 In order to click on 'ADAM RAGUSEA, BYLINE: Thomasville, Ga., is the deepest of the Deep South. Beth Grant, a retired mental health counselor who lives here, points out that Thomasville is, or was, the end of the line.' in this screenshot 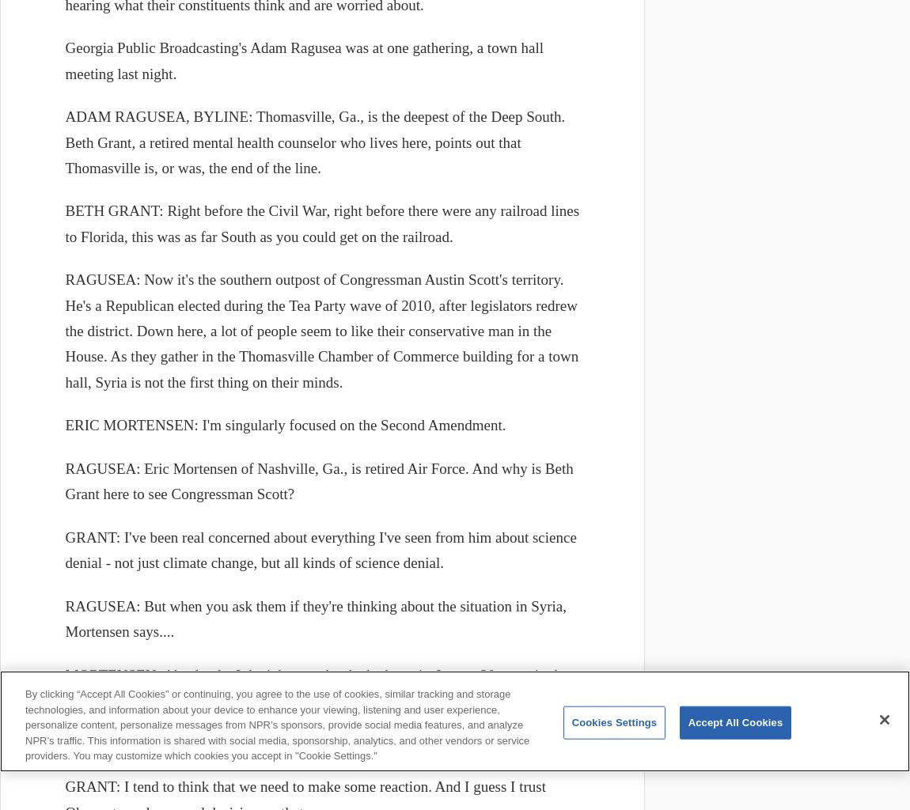, I will do `click(315, 142)`.